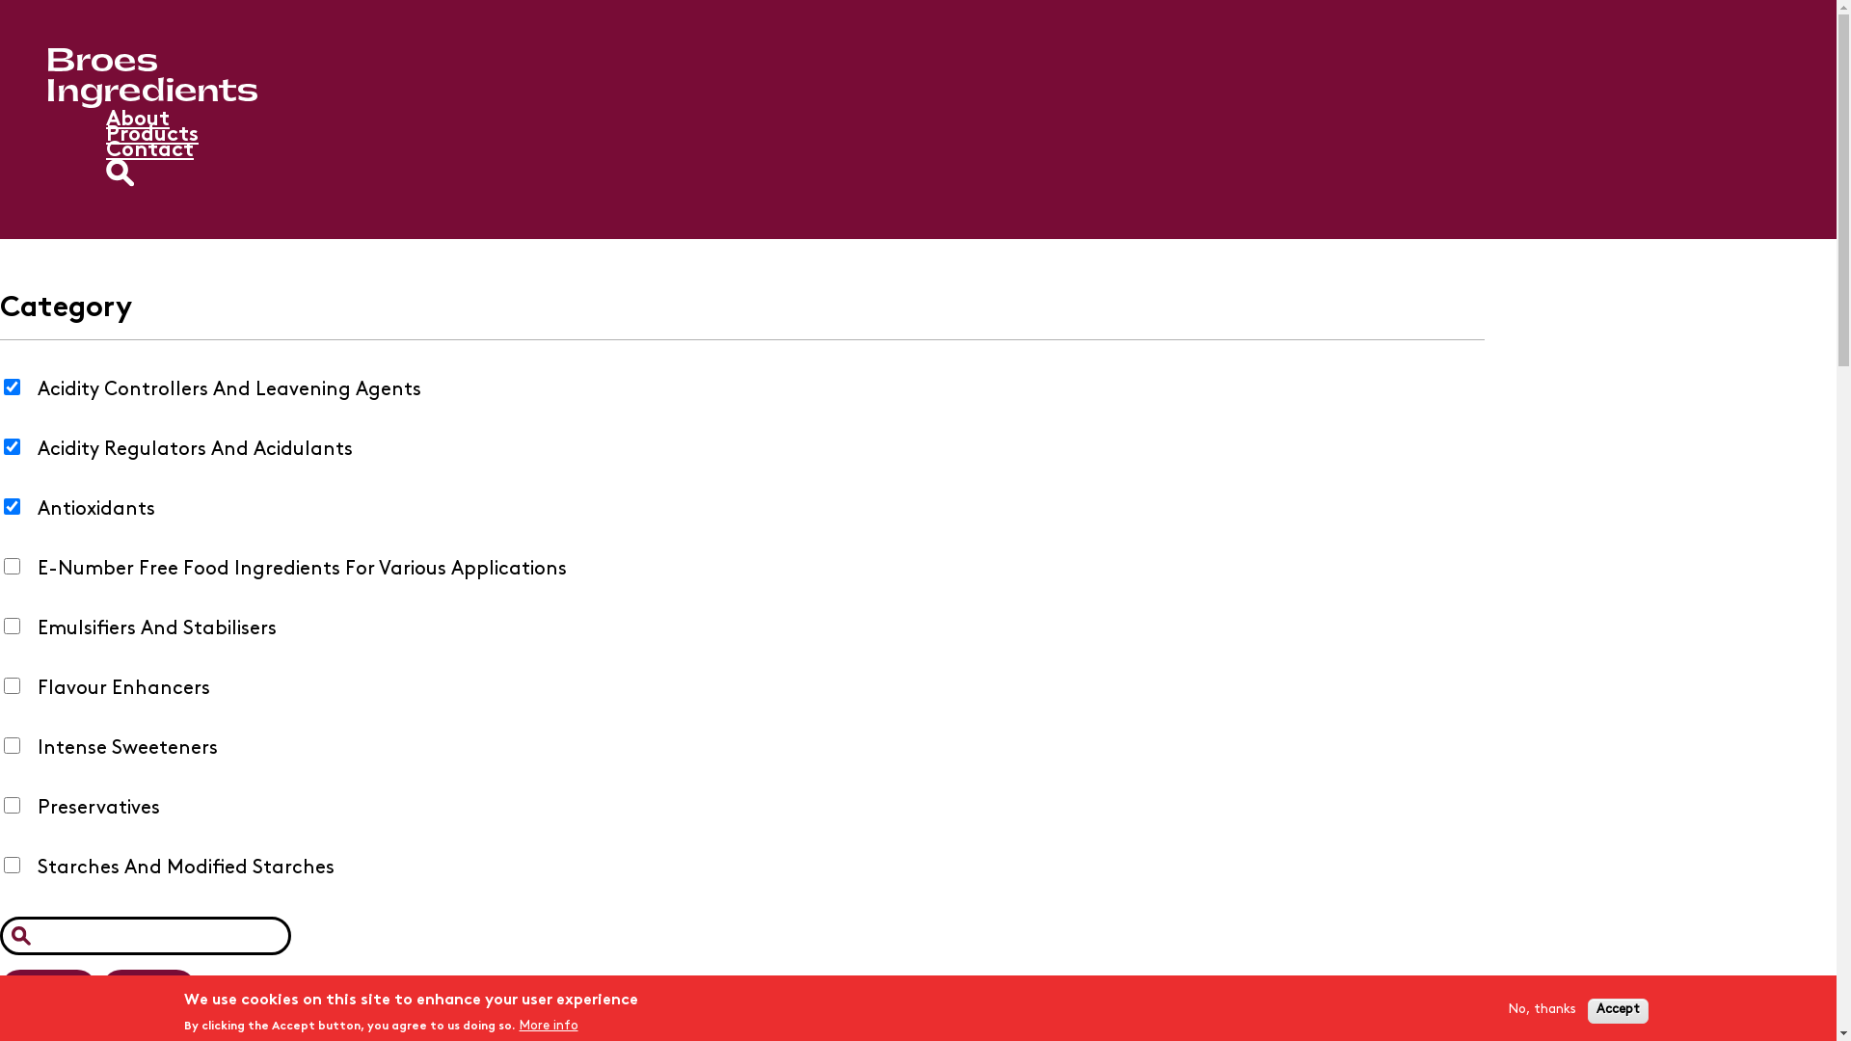 This screenshot has height=1041, width=1851. Describe the element at coordinates (1617, 1009) in the screenshot. I see `'Accept'` at that location.